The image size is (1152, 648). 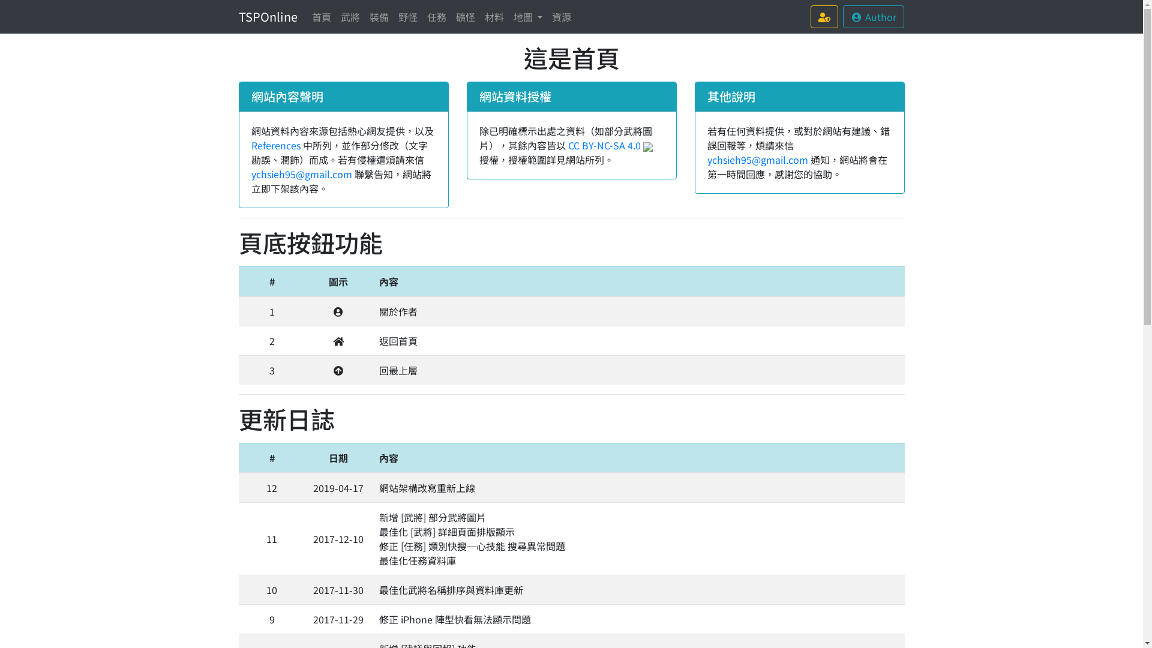 What do you see at coordinates (250, 145) in the screenshot?
I see `'References'` at bounding box center [250, 145].